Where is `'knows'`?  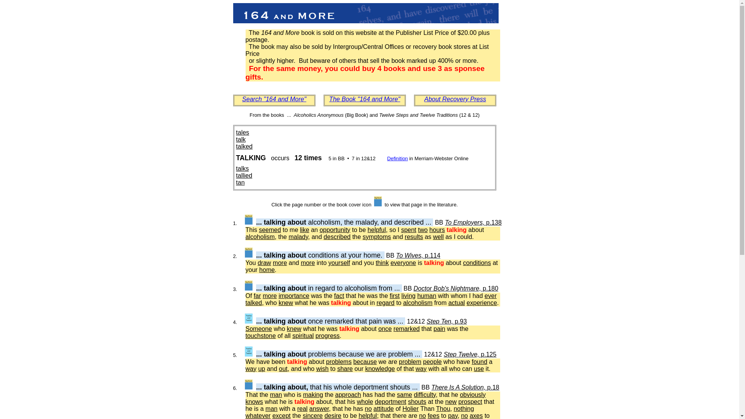 'knows' is located at coordinates (254, 402).